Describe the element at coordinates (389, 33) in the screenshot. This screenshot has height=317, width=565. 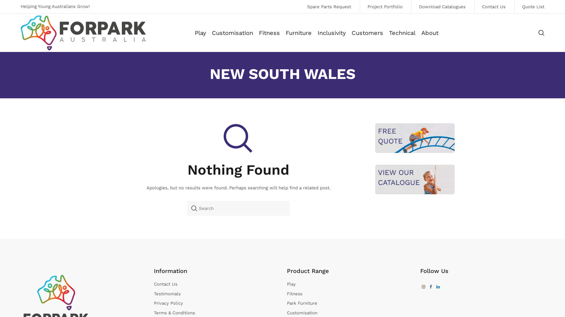
I see `'Technical'` at that location.